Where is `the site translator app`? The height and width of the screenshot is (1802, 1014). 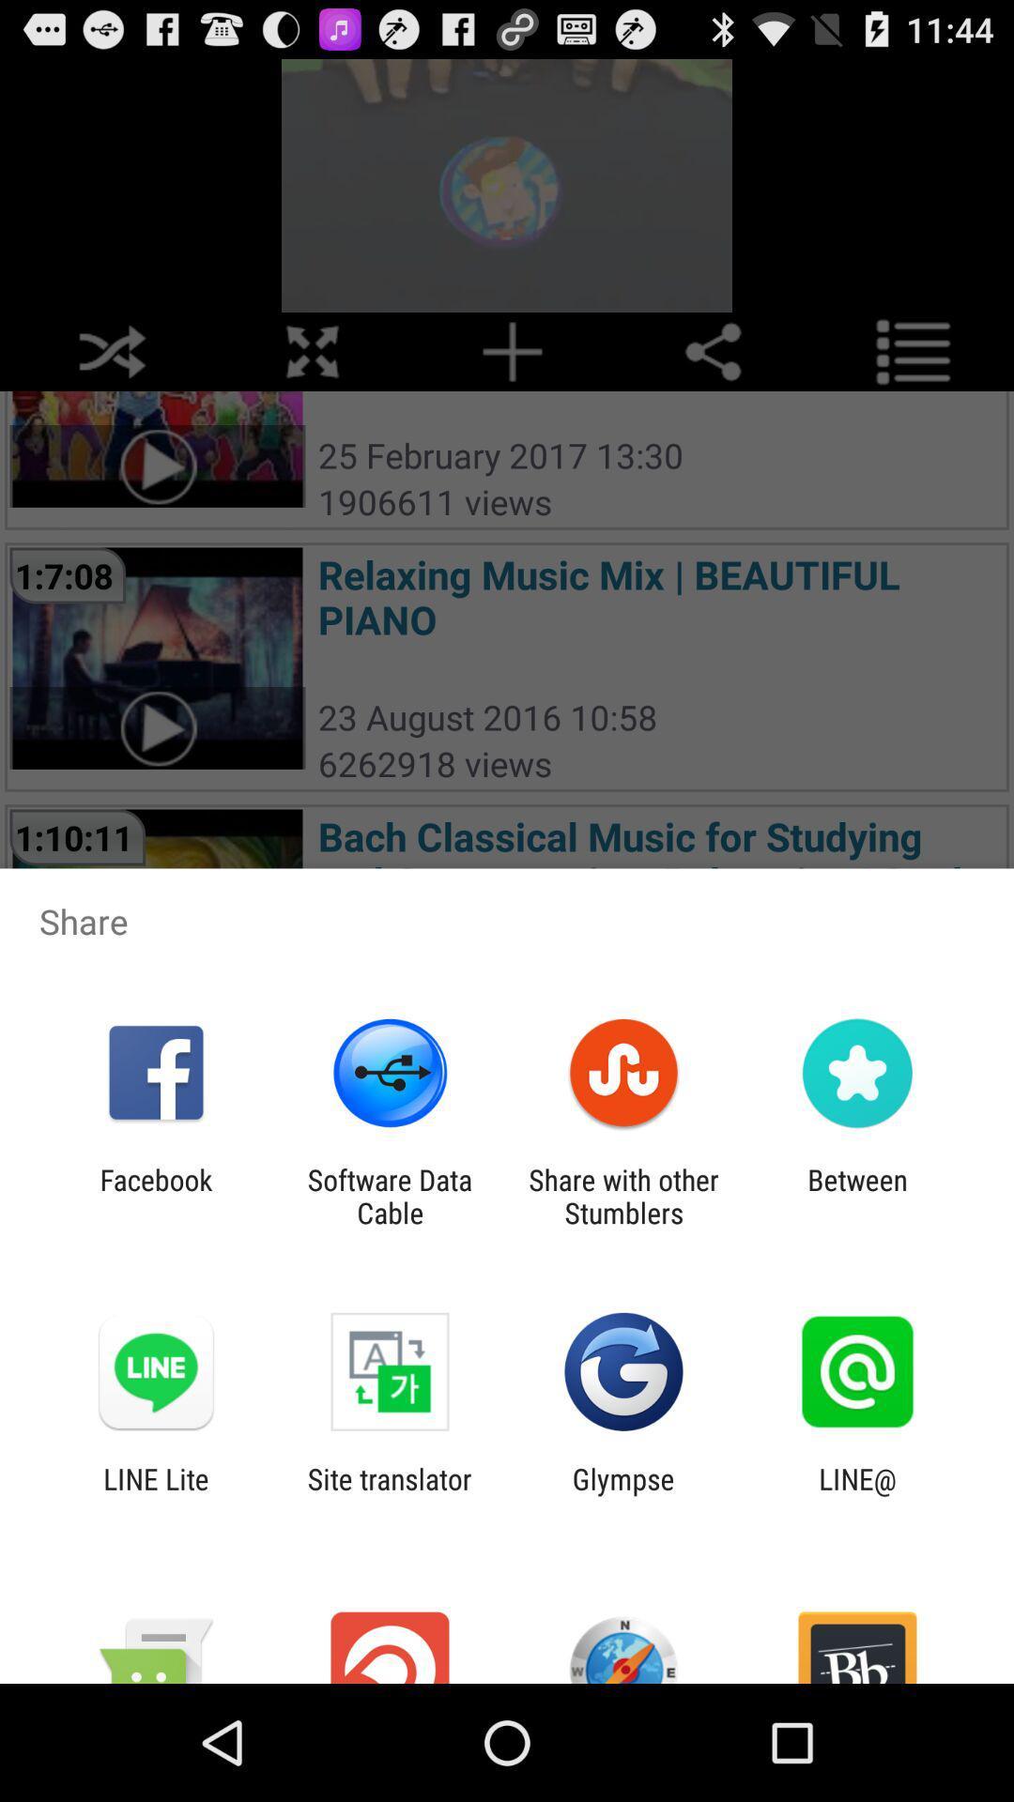 the site translator app is located at coordinates (389, 1494).